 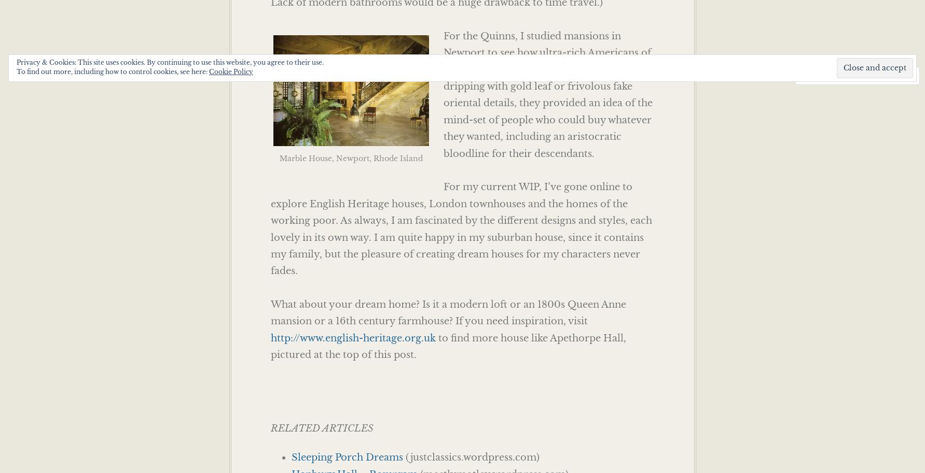 What do you see at coordinates (347, 456) in the screenshot?
I see `'Sleeping Porch Dreams'` at bounding box center [347, 456].